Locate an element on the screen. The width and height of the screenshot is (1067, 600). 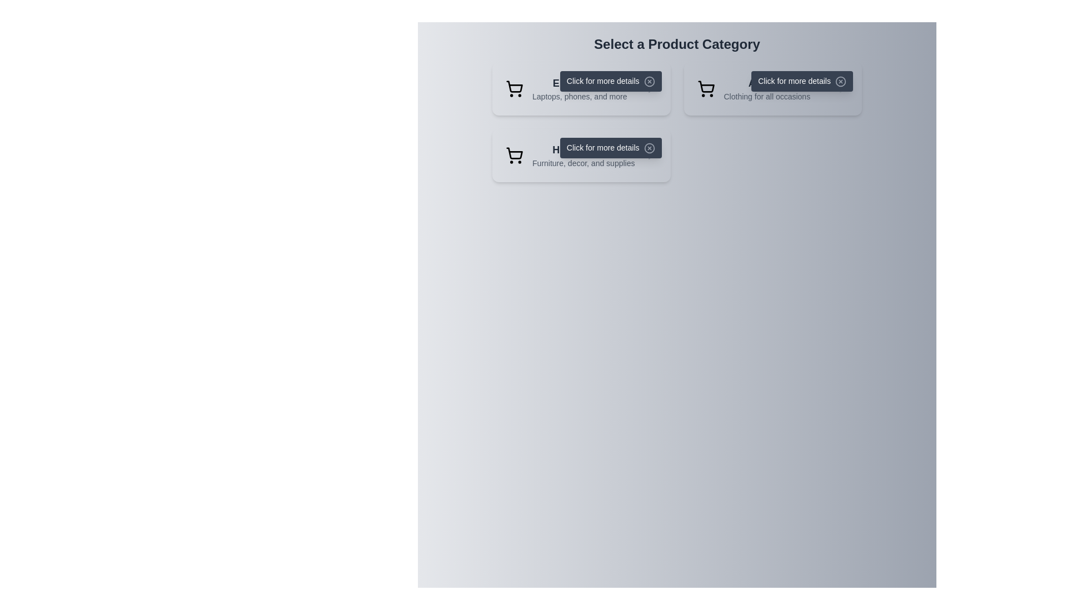
the decorative SVG graphic (circle) positioned at the end of the 'Click for more details' label in the top left category card of the displayed grid is located at coordinates (649, 81).